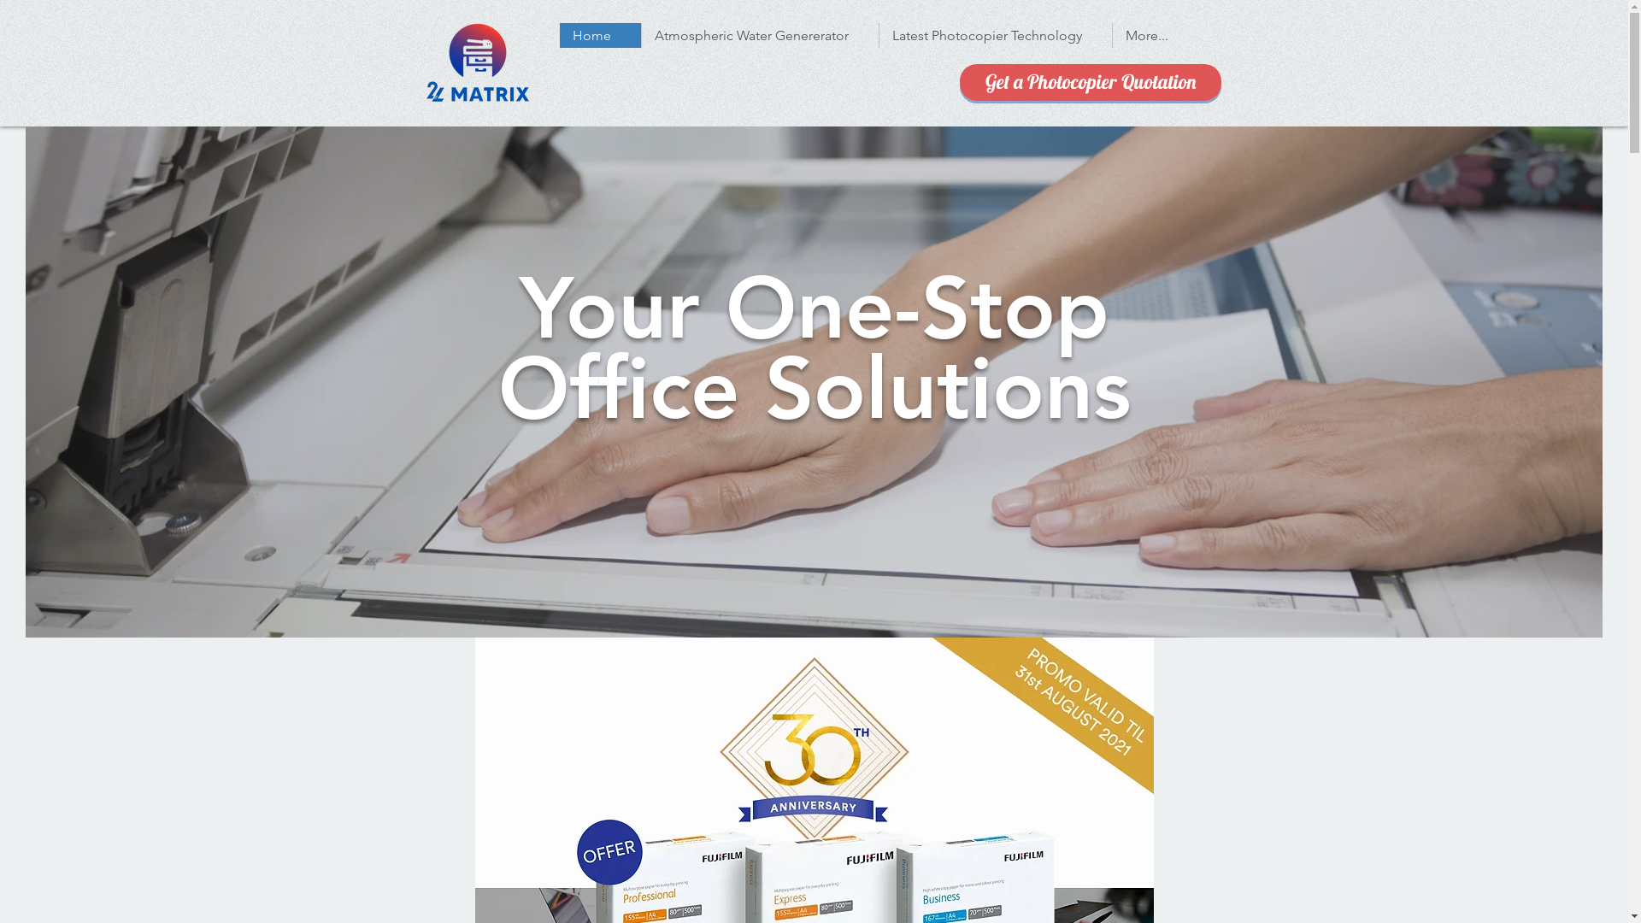  Describe the element at coordinates (758, 35) in the screenshot. I see `'Atmospheric Water Genererator'` at that location.